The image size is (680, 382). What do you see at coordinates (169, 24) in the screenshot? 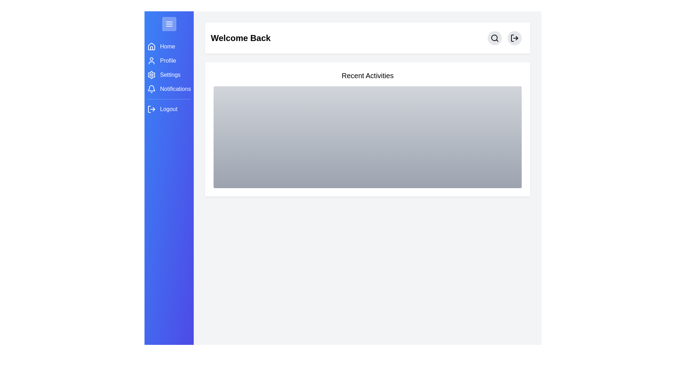
I see `the hamburger menu icon located at the top of the sidebar` at bounding box center [169, 24].